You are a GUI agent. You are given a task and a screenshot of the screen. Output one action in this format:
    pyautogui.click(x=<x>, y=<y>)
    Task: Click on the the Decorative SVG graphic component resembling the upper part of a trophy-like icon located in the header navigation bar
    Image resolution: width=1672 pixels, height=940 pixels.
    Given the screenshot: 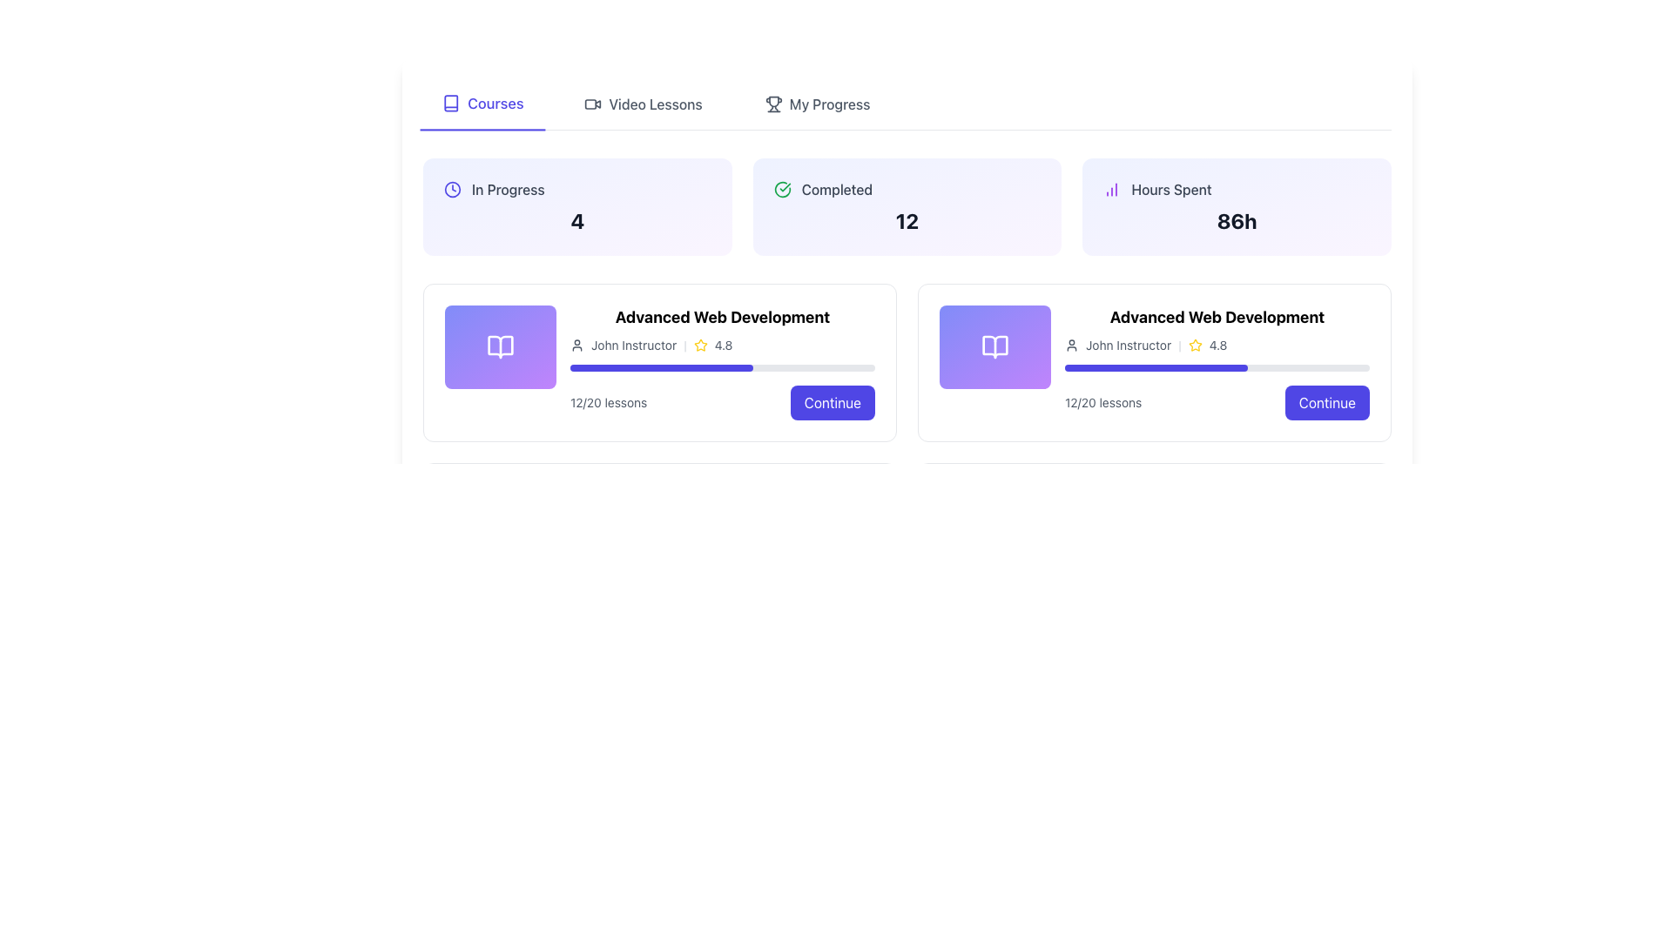 What is the action you would take?
    pyautogui.click(x=772, y=102)
    